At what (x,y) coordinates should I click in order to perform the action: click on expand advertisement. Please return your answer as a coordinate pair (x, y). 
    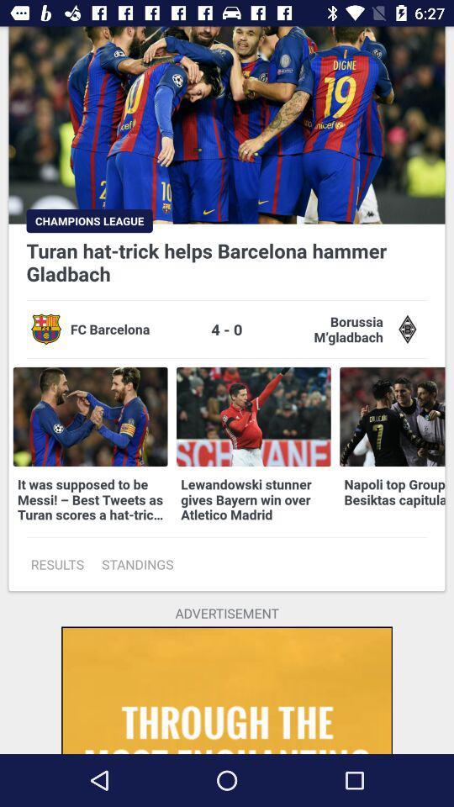
    Looking at the image, I should click on (227, 690).